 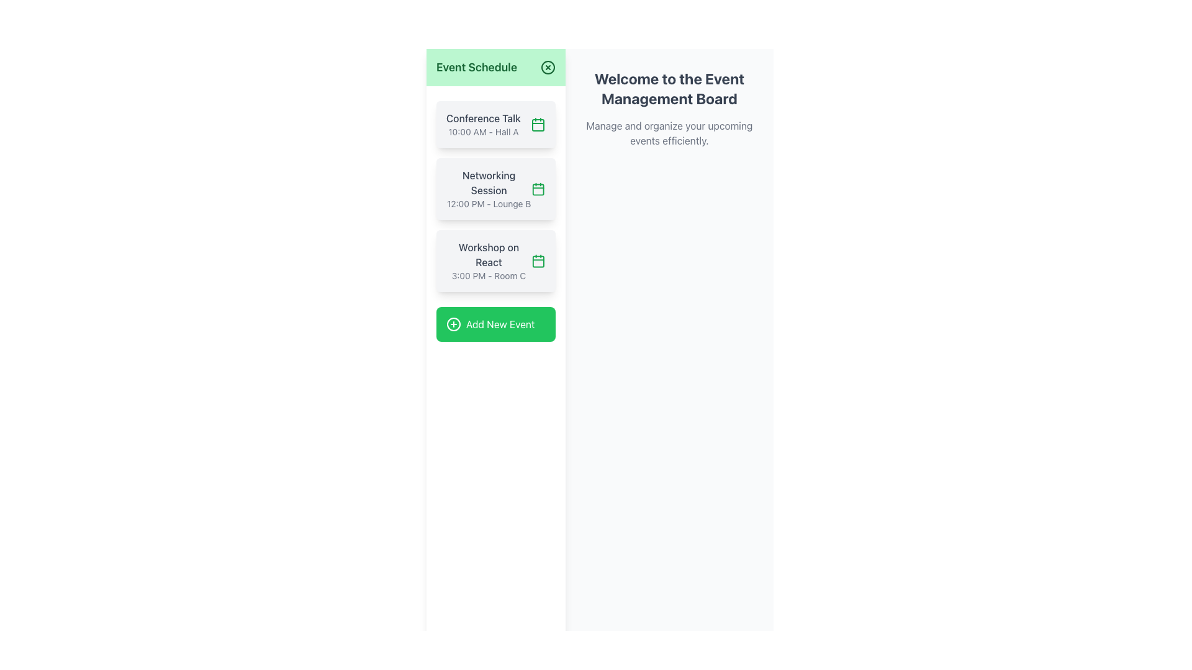 What do you see at coordinates (482, 118) in the screenshot?
I see `the Text Label displaying 'Conference Talk', which is located within the panel of scheduled events on the left side of the interface` at bounding box center [482, 118].